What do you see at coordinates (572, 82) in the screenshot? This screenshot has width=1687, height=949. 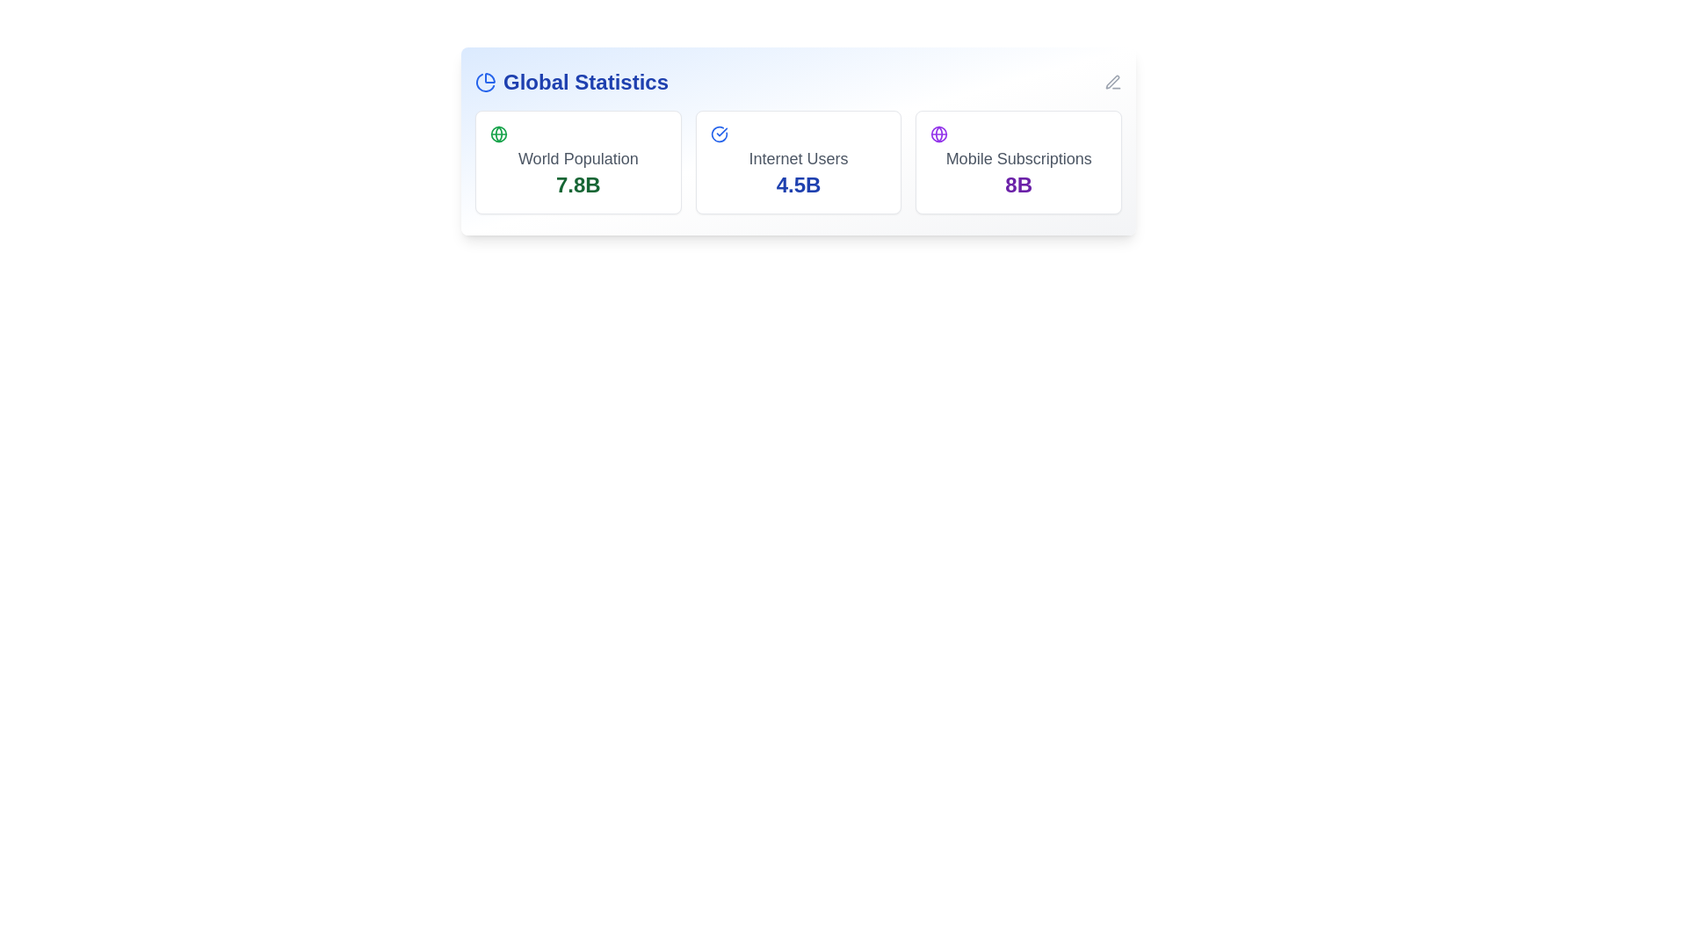 I see `the text label that indicates global statistics for navigation` at bounding box center [572, 82].